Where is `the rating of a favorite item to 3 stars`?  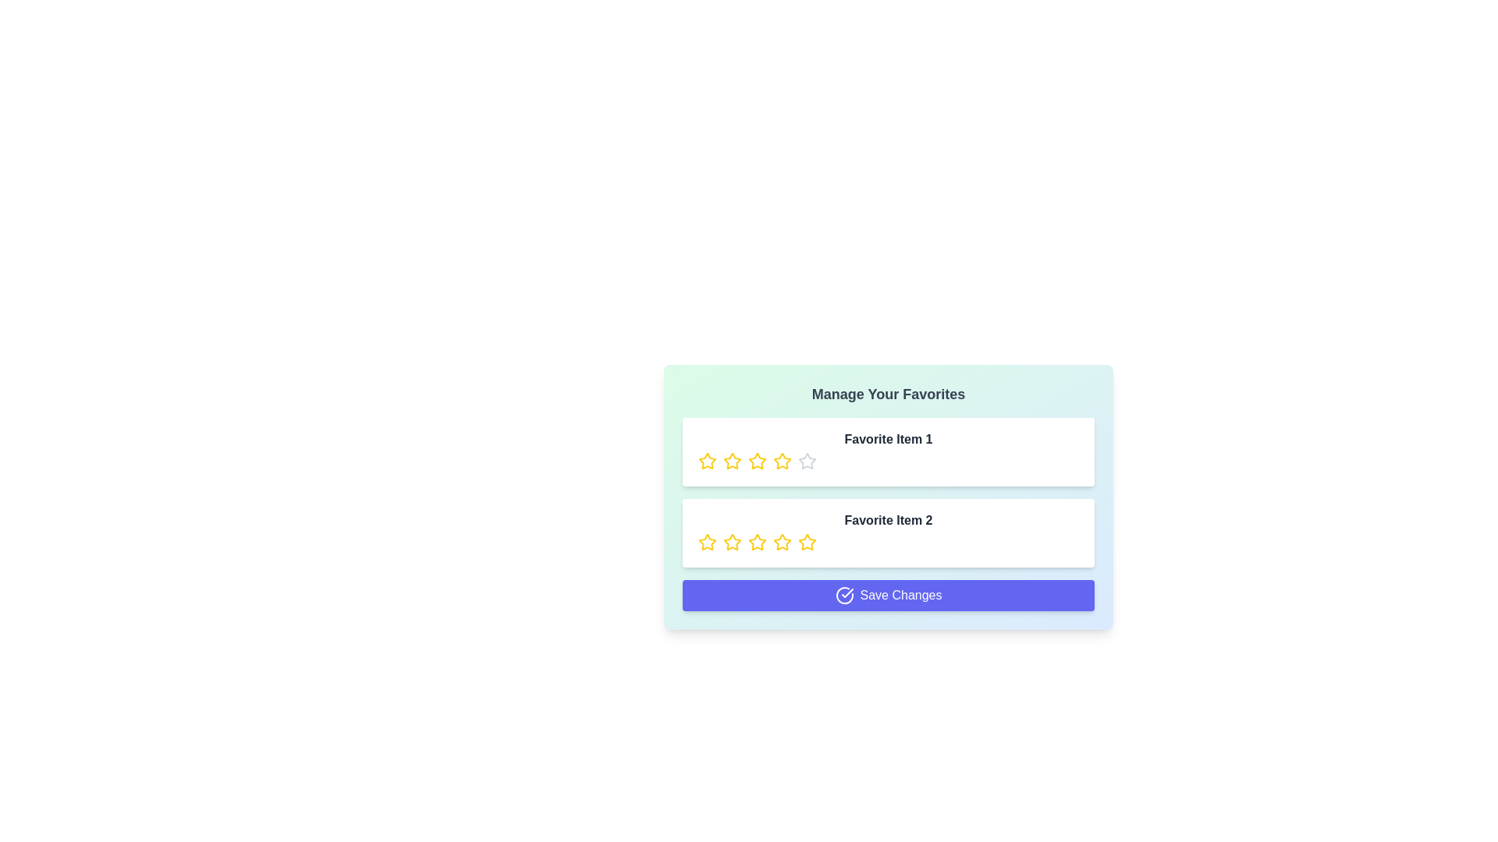 the rating of a favorite item to 3 stars is located at coordinates (757, 460).